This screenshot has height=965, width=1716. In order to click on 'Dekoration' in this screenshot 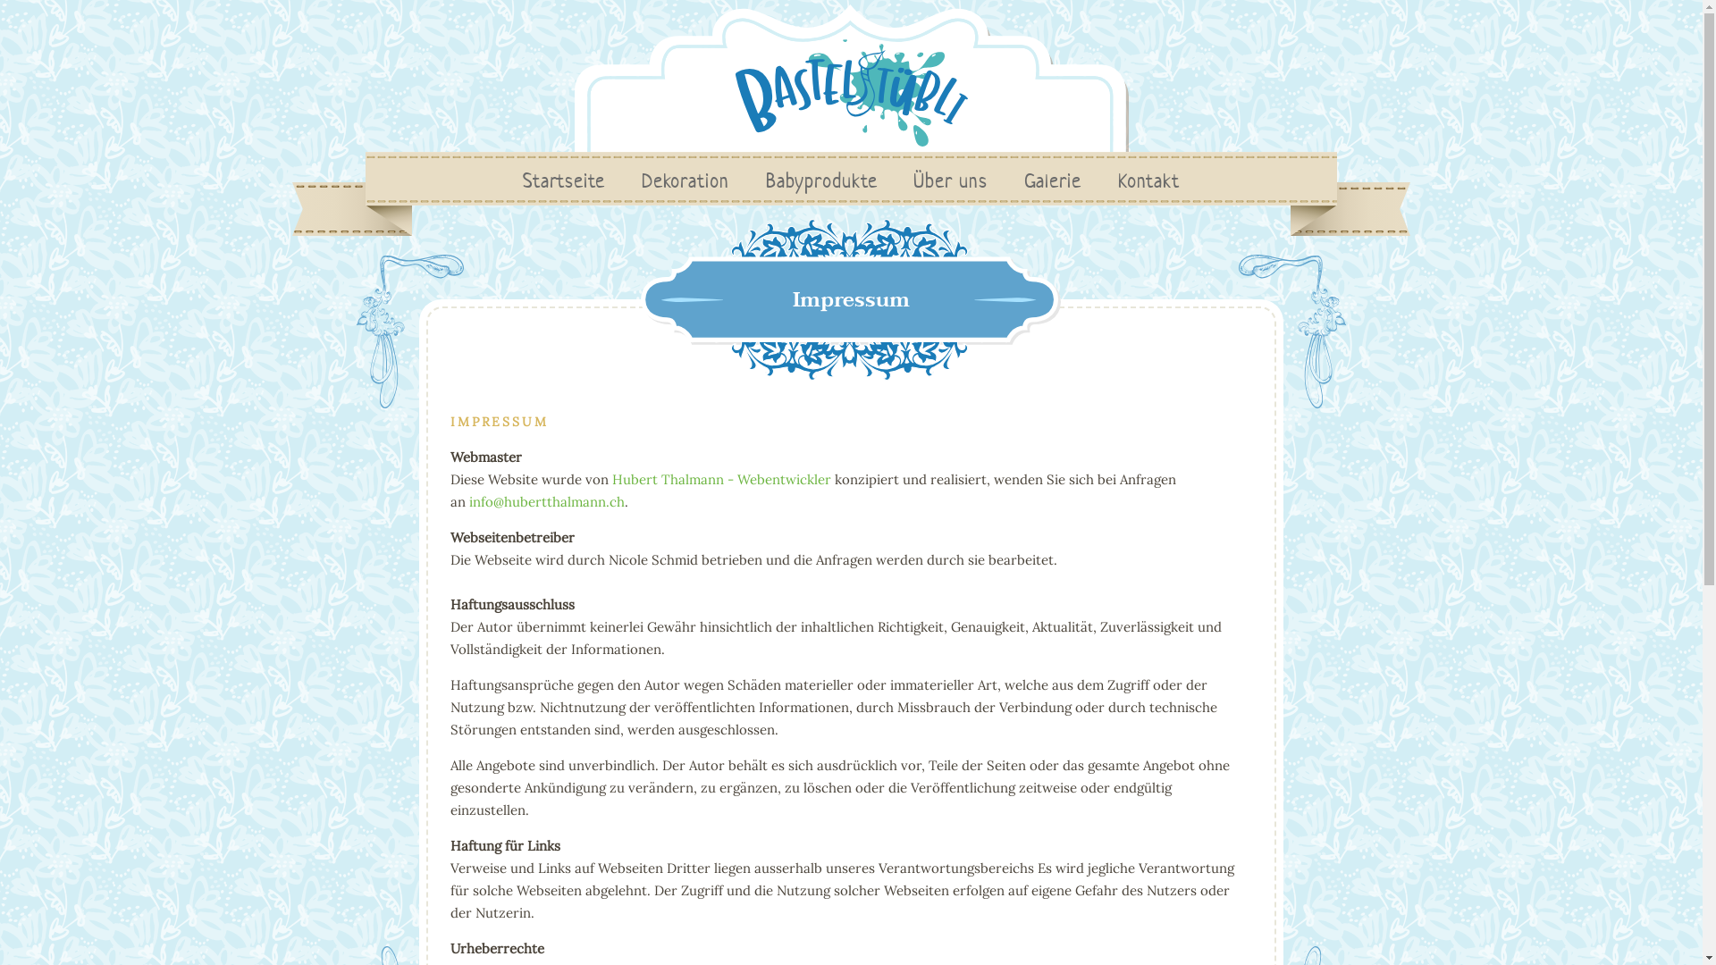, I will do `click(685, 180)`.